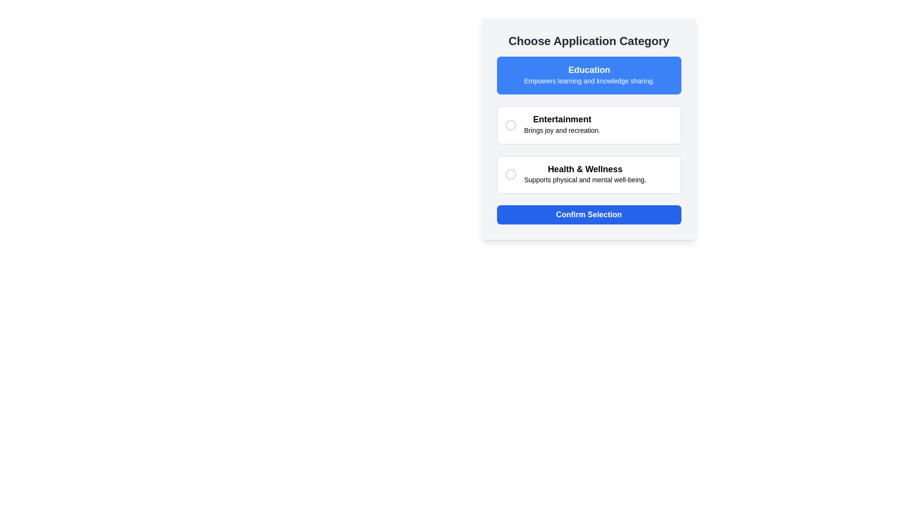 The image size is (922, 518). What do you see at coordinates (510, 175) in the screenshot?
I see `the 'Health & Wellness' radio button control` at bounding box center [510, 175].